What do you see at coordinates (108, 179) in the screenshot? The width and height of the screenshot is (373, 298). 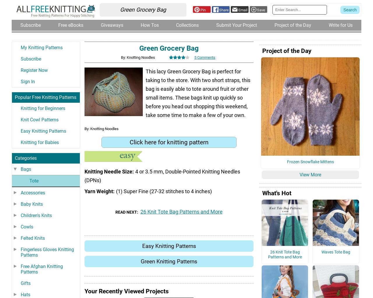 I see `'Knitting Needle Size'` at bounding box center [108, 179].